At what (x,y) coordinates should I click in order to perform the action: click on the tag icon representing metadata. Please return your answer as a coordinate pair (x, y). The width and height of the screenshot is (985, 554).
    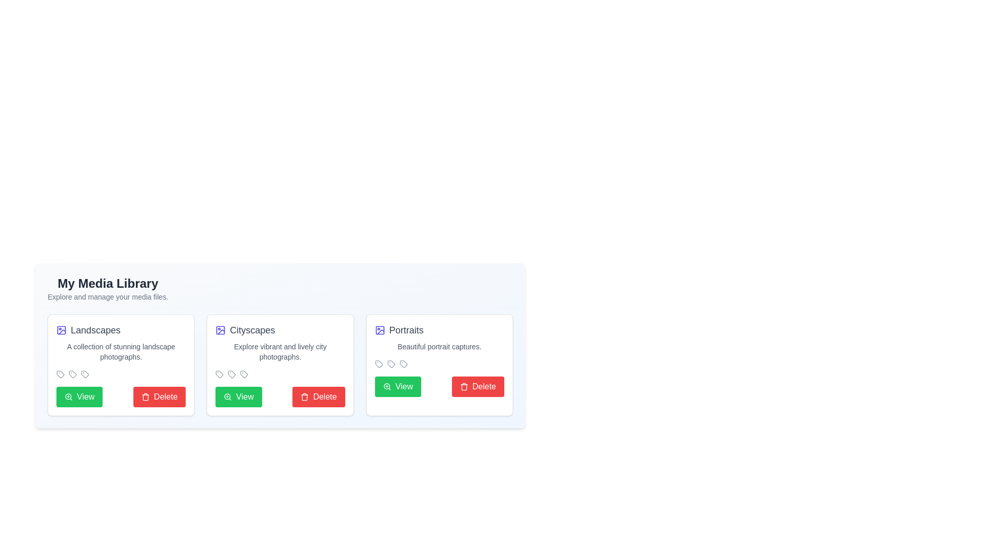
    Looking at the image, I should click on (244, 374).